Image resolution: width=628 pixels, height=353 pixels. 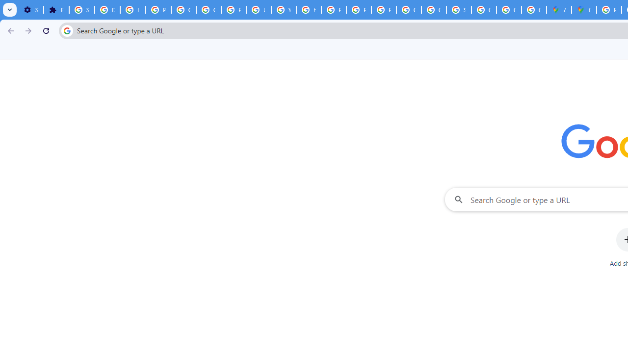 I want to click on 'Google Account Help', so click(x=184, y=10).